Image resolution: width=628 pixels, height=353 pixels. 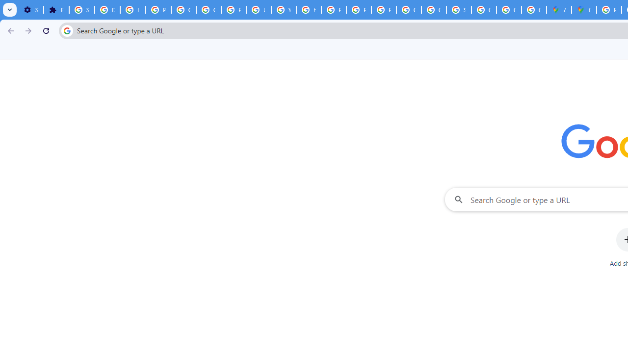 I want to click on 'Google Account Help', so click(x=184, y=10).